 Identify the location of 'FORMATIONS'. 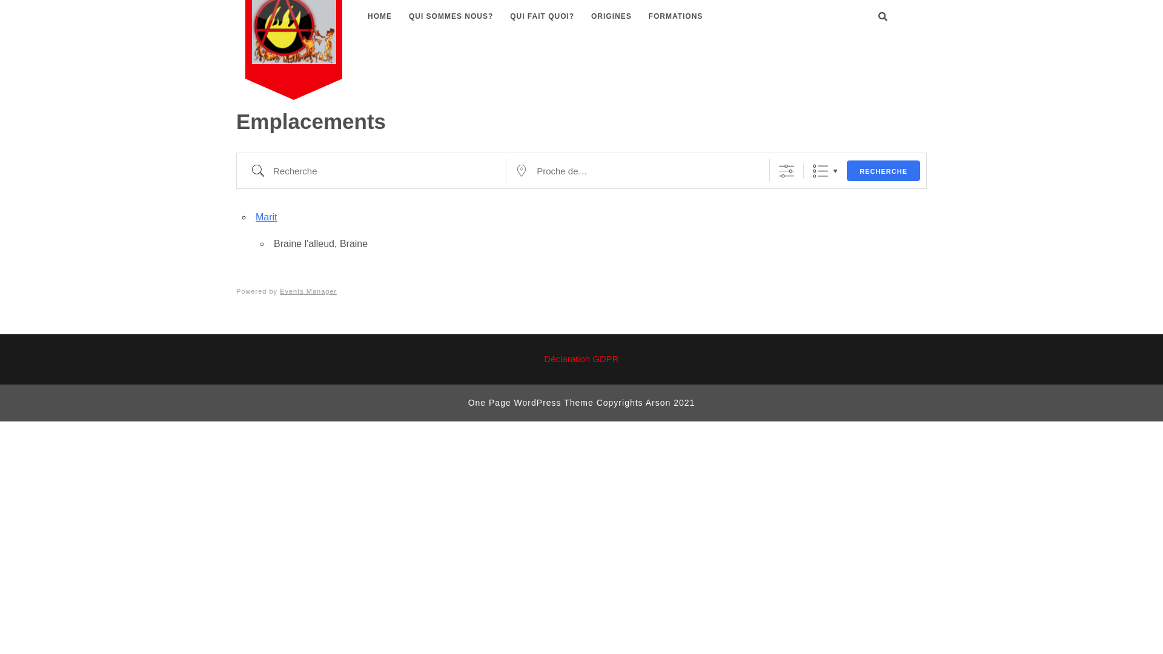
(641, 16).